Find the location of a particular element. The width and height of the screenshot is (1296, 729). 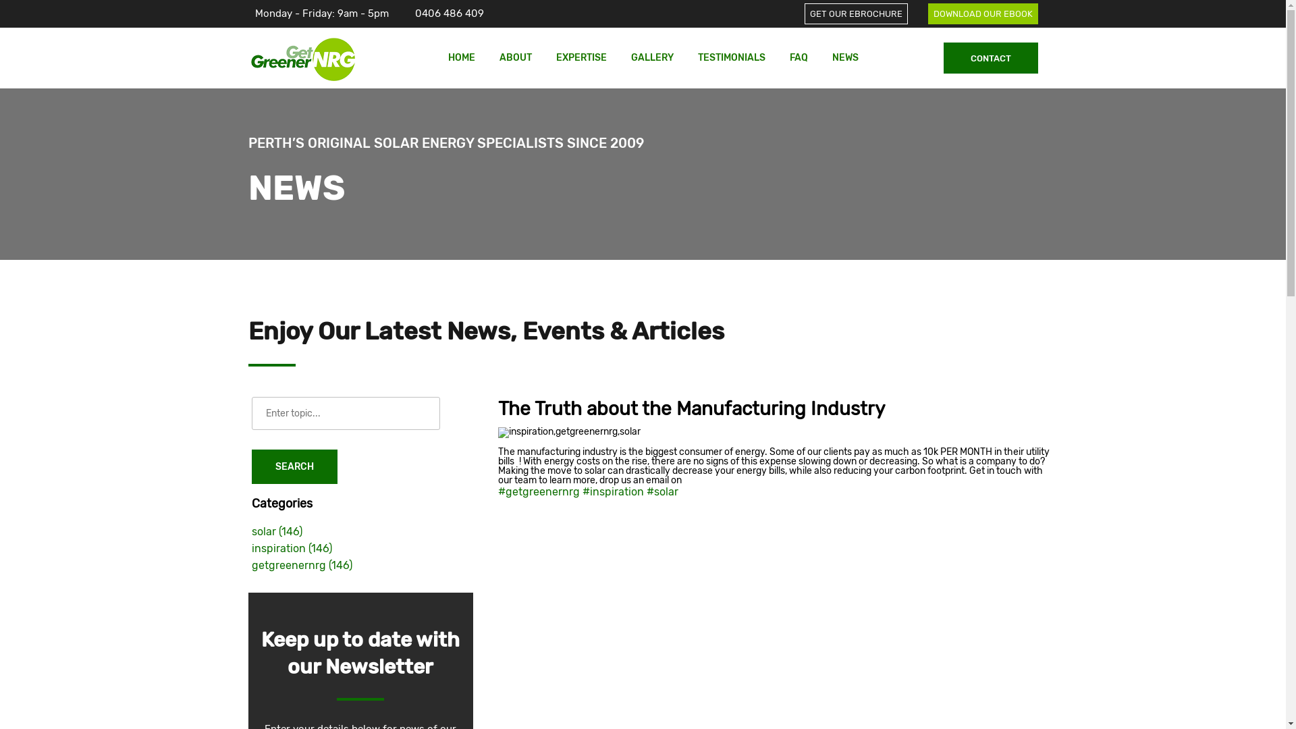

'DOWNLOAD OUR EBOOK' is located at coordinates (982, 13).